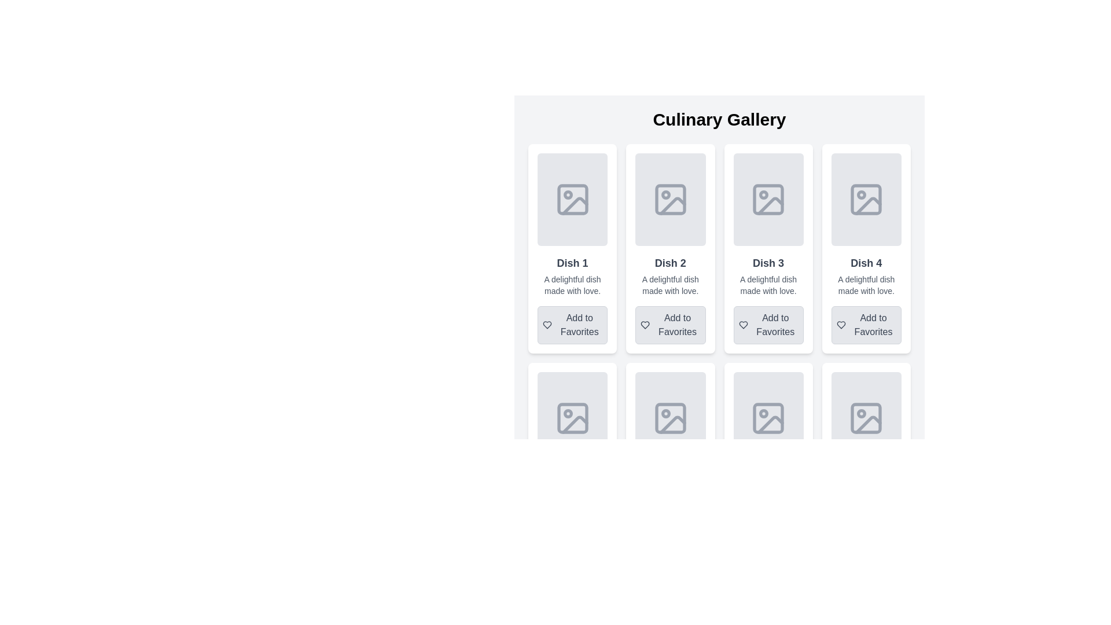 Image resolution: width=1111 pixels, height=625 pixels. Describe the element at coordinates (743, 325) in the screenshot. I see `the heart-shaped icon with a dark stroke outline, located to the left of the 'Add to Favorites' text under 'Dish 3' in the grid layout` at that location.